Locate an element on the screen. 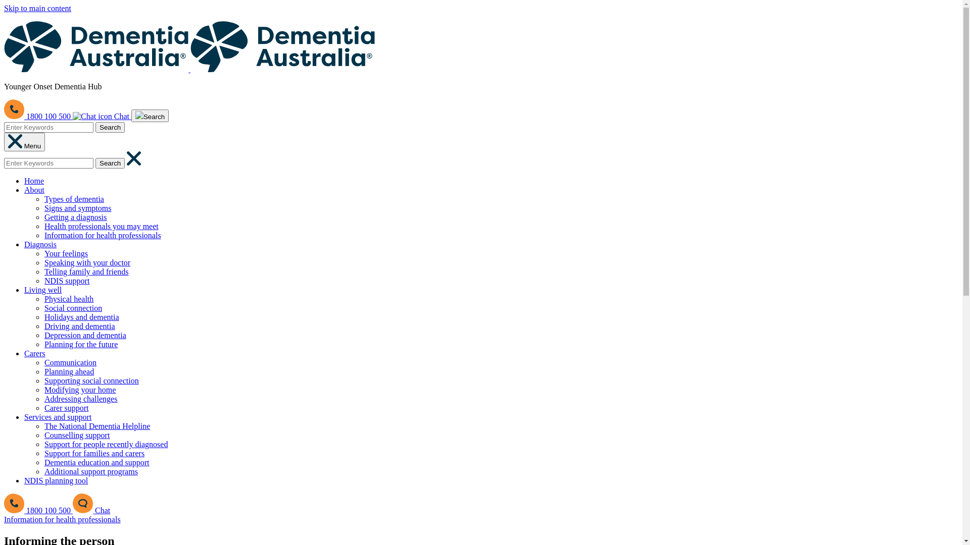  'Counselling support' is located at coordinates (76, 434).